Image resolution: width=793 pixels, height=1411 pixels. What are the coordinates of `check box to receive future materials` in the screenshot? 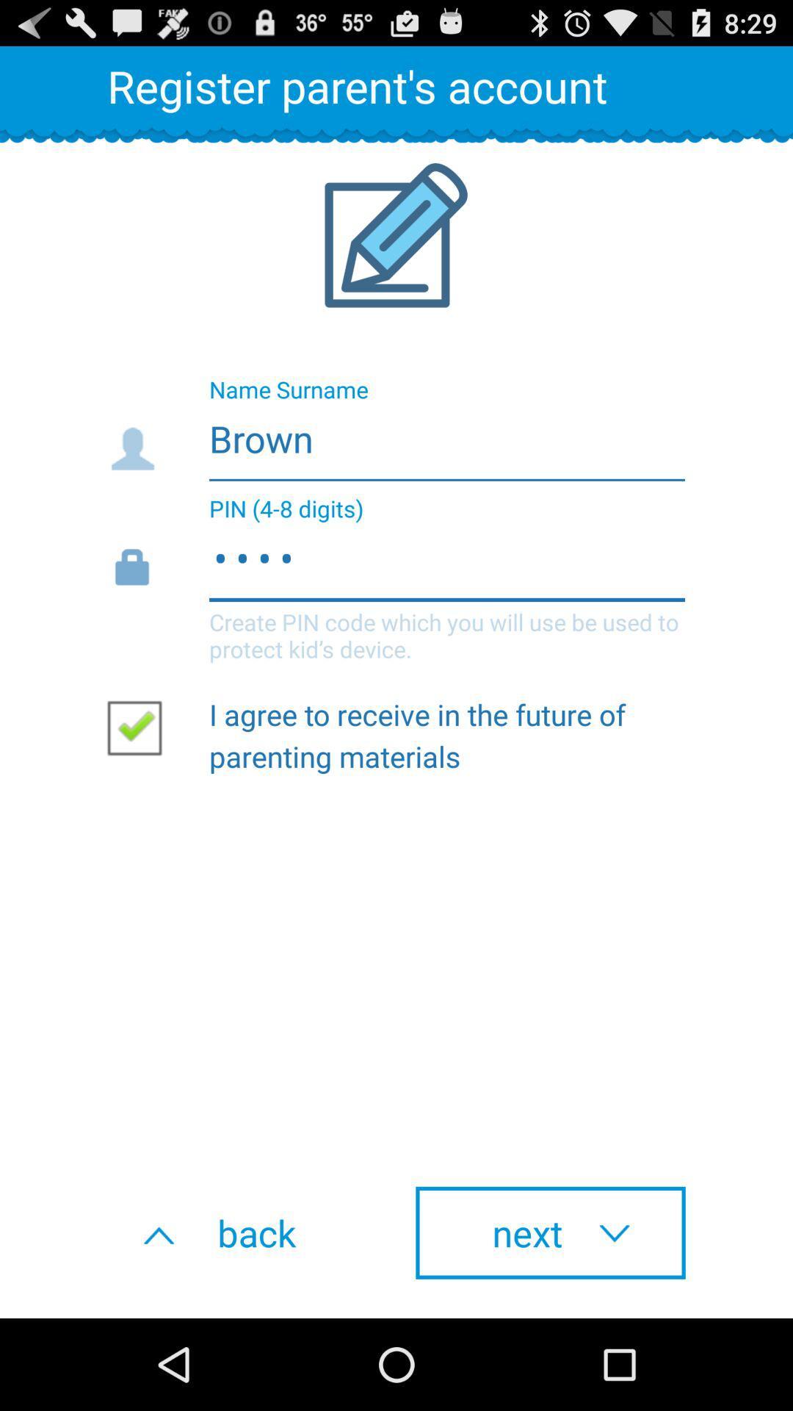 It's located at (140, 727).